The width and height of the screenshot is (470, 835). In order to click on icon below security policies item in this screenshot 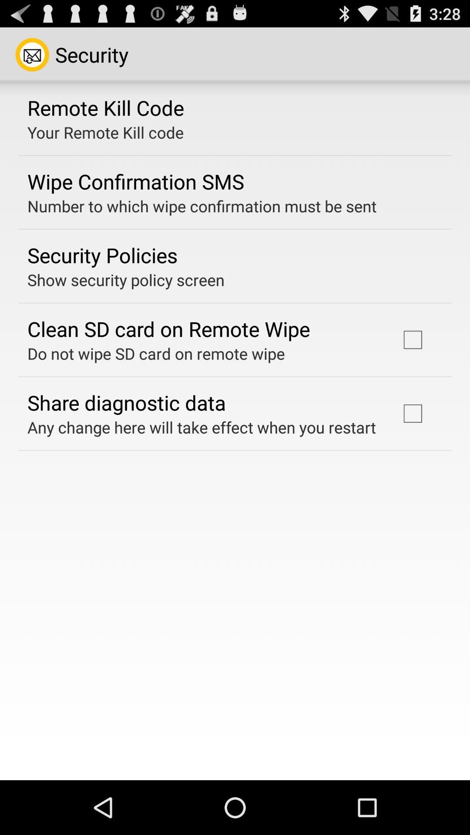, I will do `click(126, 280)`.